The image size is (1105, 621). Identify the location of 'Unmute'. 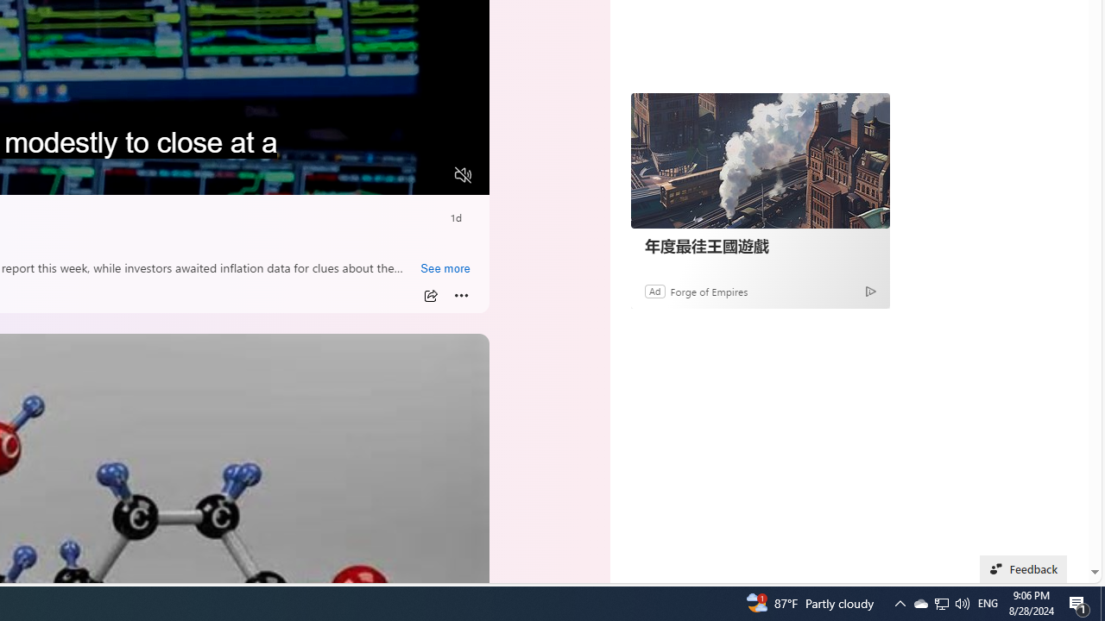
(463, 175).